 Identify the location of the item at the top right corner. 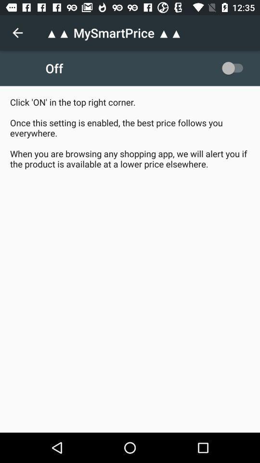
(234, 68).